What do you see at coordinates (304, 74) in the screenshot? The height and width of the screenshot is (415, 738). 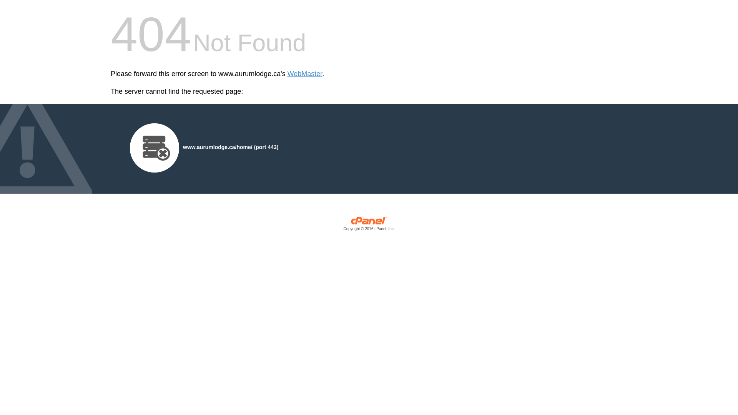 I see `'WebMaster'` at bounding box center [304, 74].